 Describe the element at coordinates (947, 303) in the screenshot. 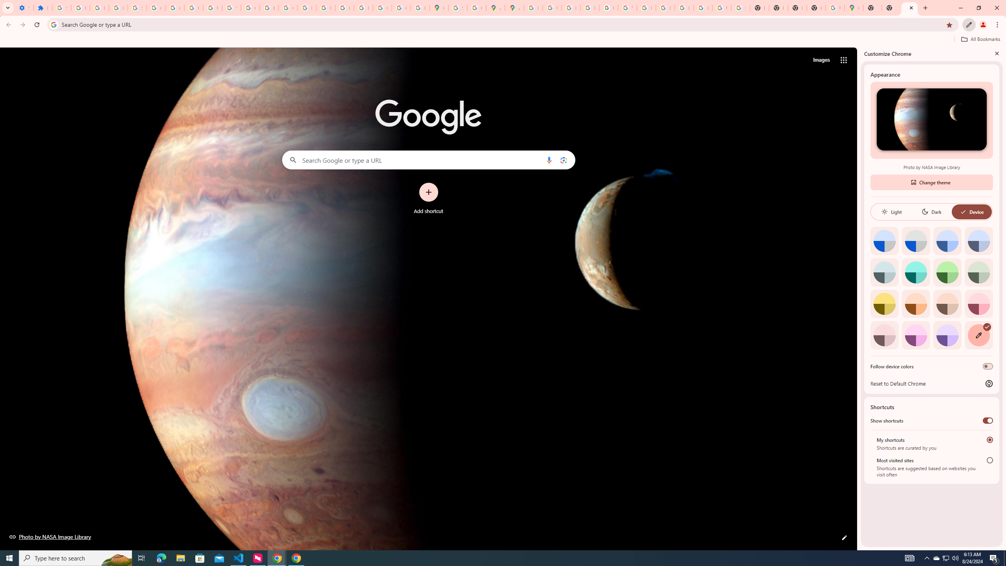

I see `'Apricot'` at that location.